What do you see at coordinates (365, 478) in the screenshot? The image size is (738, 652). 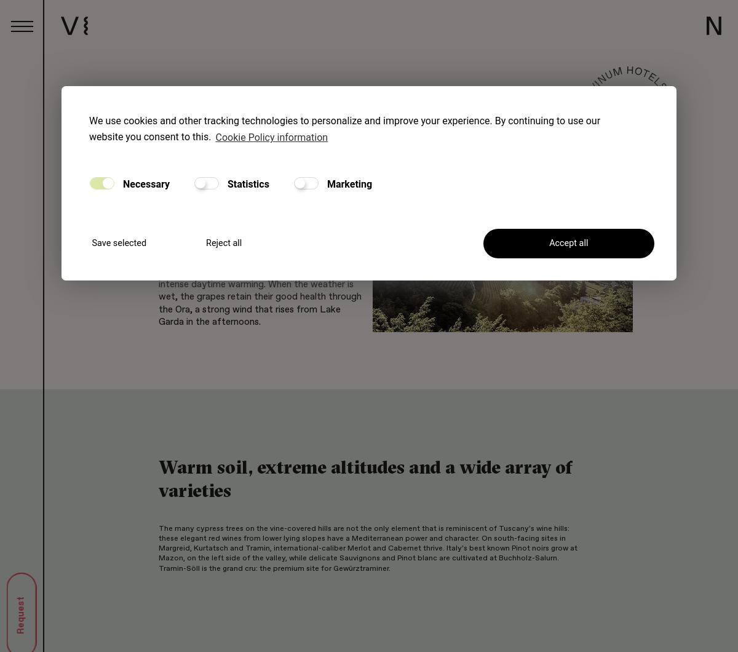 I see `'Warm soil, extreme altitudes and a wide array of varieties'` at bounding box center [365, 478].